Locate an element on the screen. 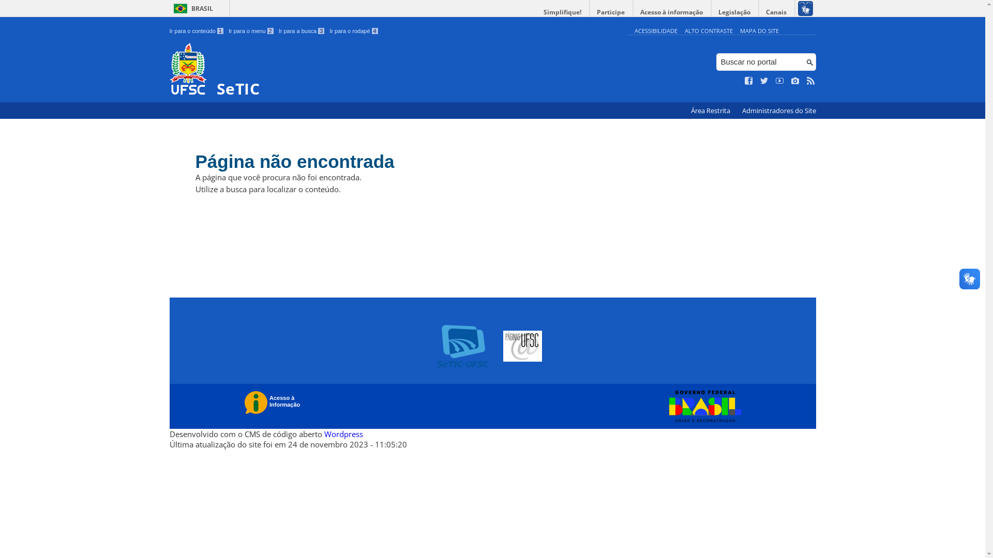 The height and width of the screenshot is (558, 993). 'Governo Federal' is located at coordinates (664, 406).